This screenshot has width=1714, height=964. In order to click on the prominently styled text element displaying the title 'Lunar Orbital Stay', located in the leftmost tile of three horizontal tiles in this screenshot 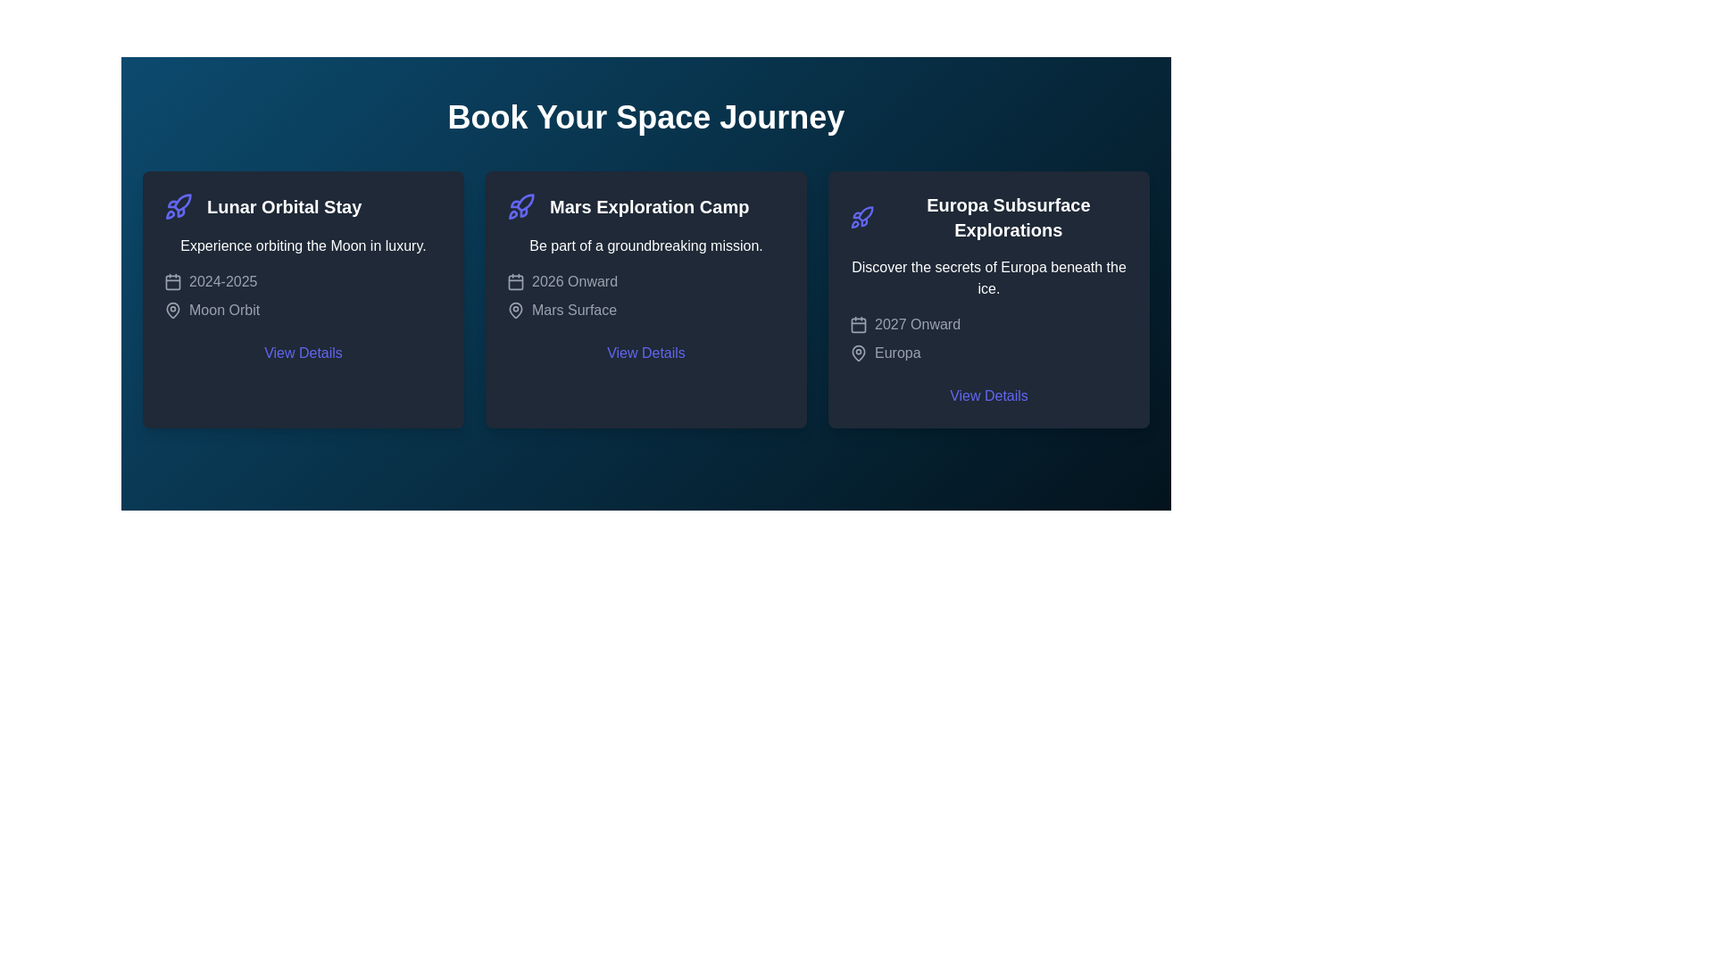, I will do `click(283, 205)`.